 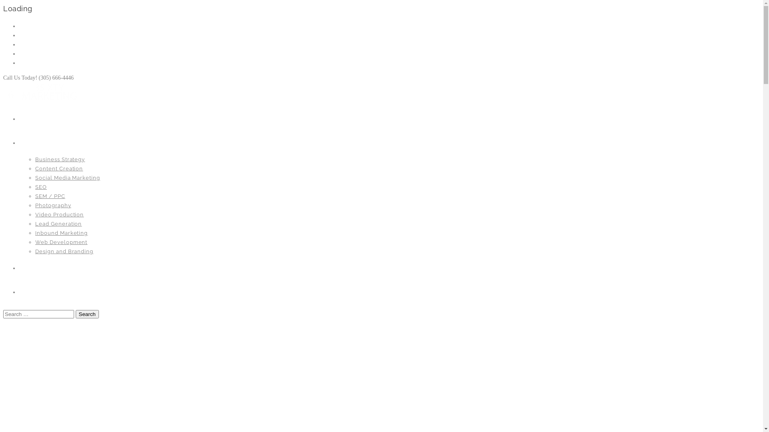 What do you see at coordinates (64, 251) in the screenshot?
I see `'Design and Branding'` at bounding box center [64, 251].